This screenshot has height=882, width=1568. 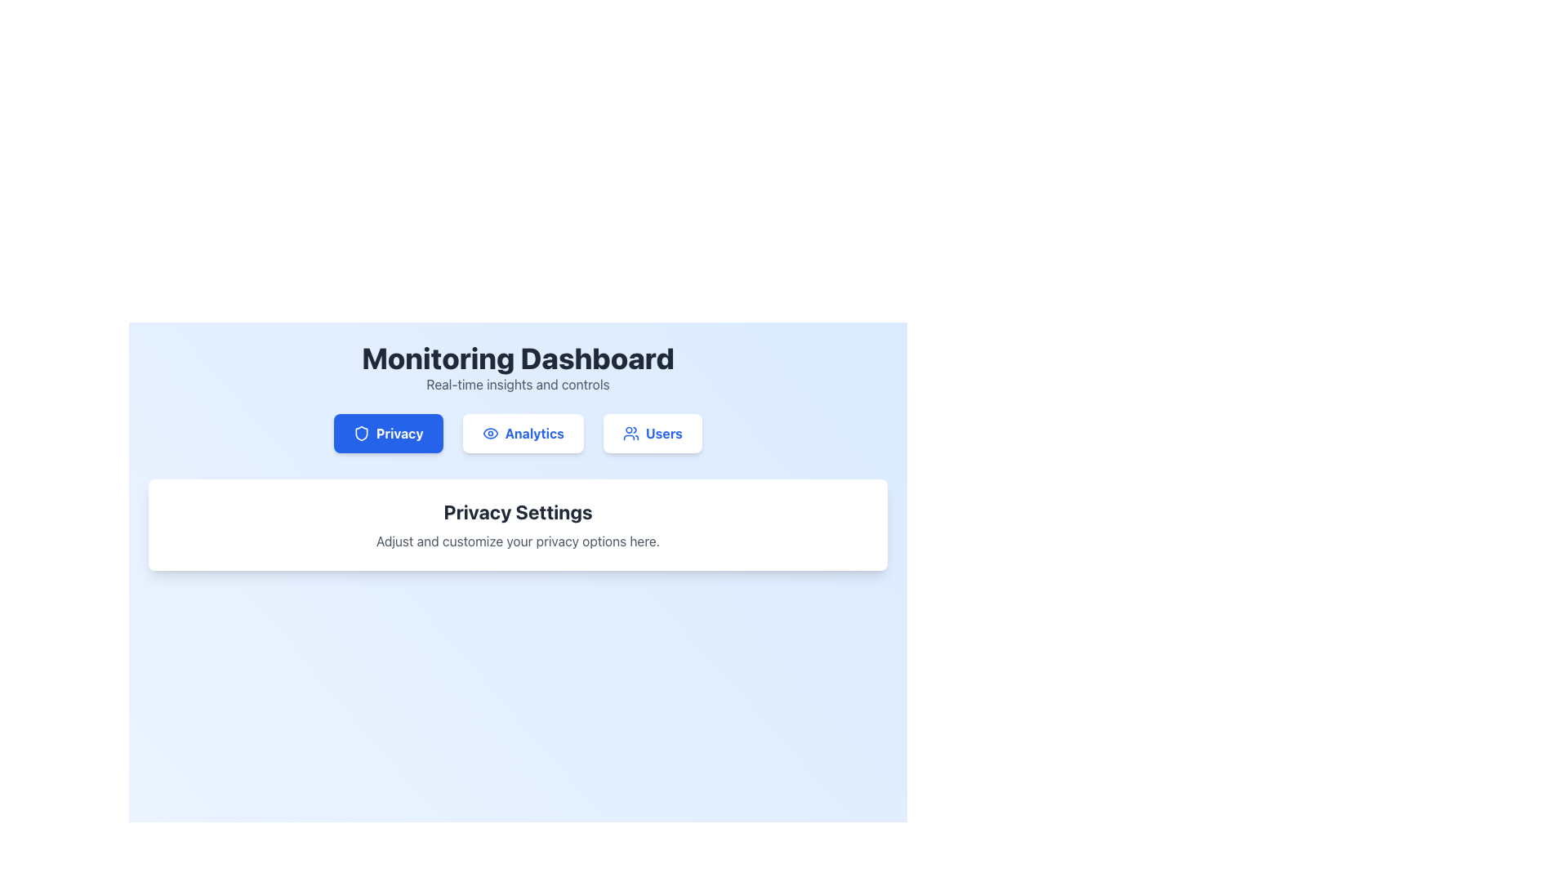 I want to click on the small blue eye icon located to the left of the 'Analytics' button label, so click(x=489, y=433).